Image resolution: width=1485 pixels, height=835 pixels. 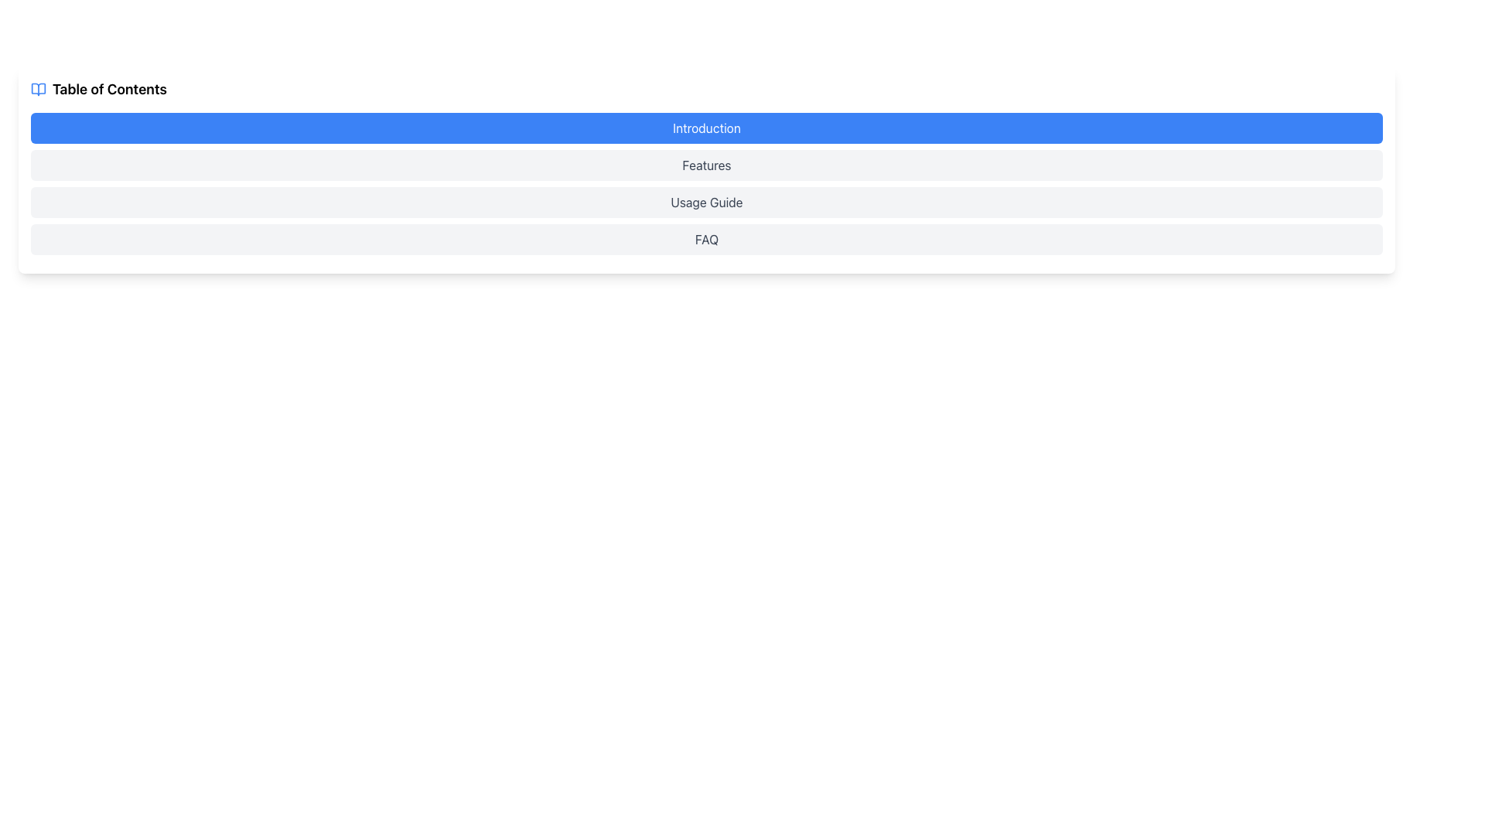 I want to click on the 'FAQ' button, which is the last entry in the navigation list, so click(x=705, y=239).